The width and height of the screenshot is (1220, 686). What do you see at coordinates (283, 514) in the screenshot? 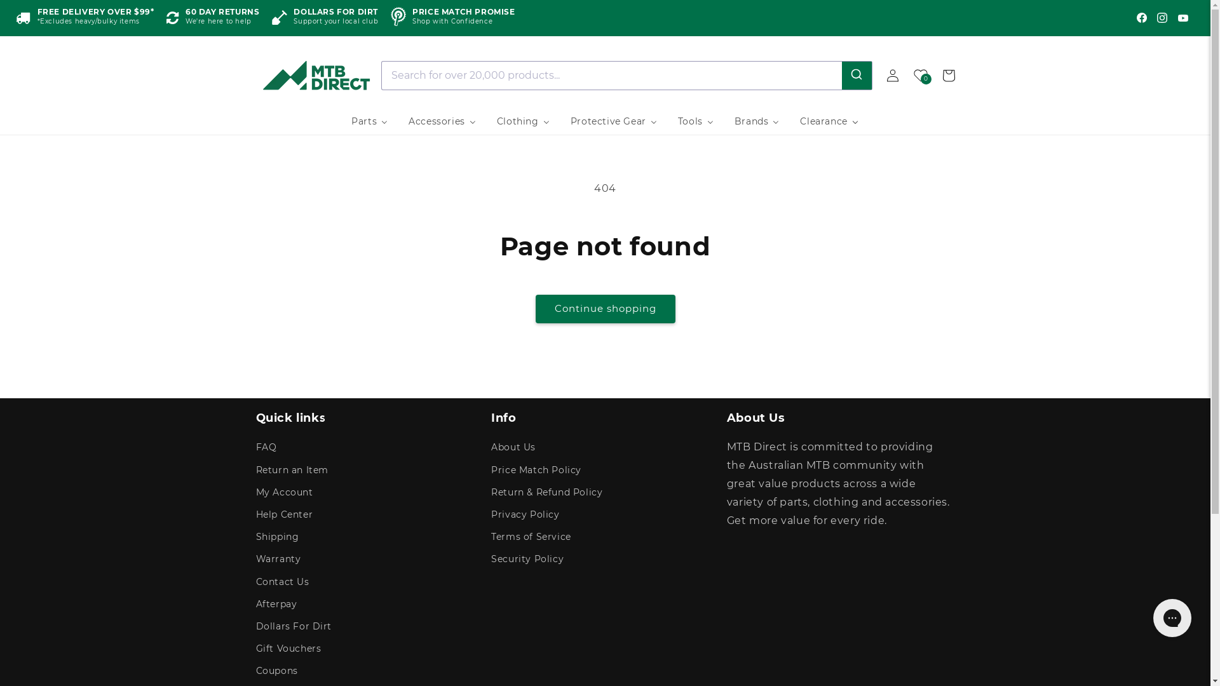
I see `'Help Center'` at bounding box center [283, 514].